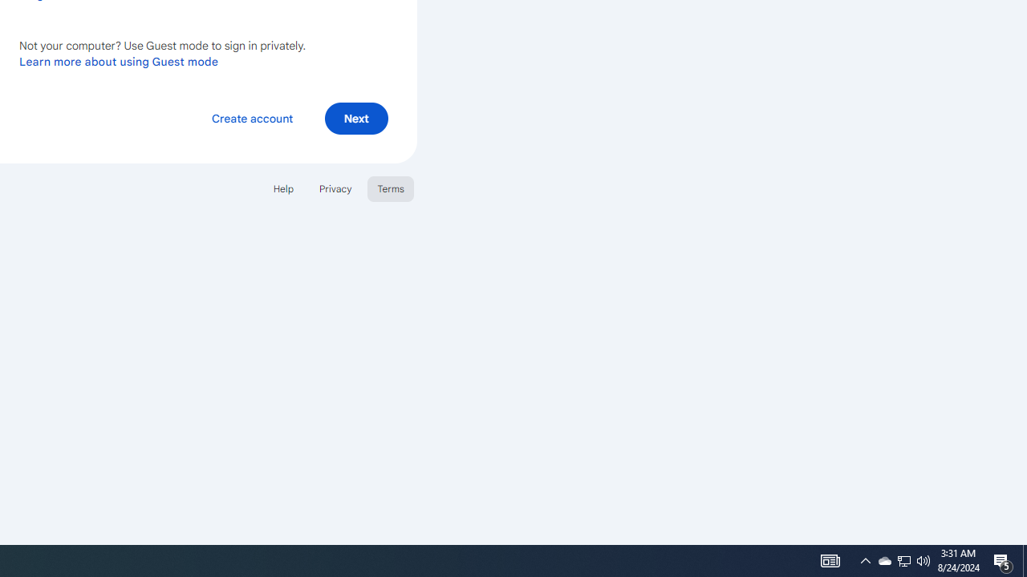  I want to click on 'Next', so click(355, 117).